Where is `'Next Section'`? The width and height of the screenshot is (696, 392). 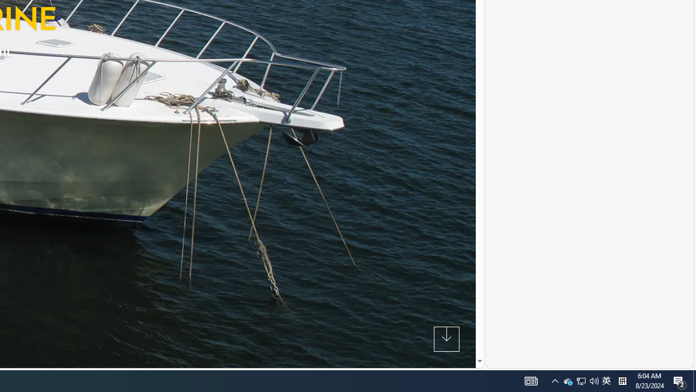
'Next Section' is located at coordinates (446, 338).